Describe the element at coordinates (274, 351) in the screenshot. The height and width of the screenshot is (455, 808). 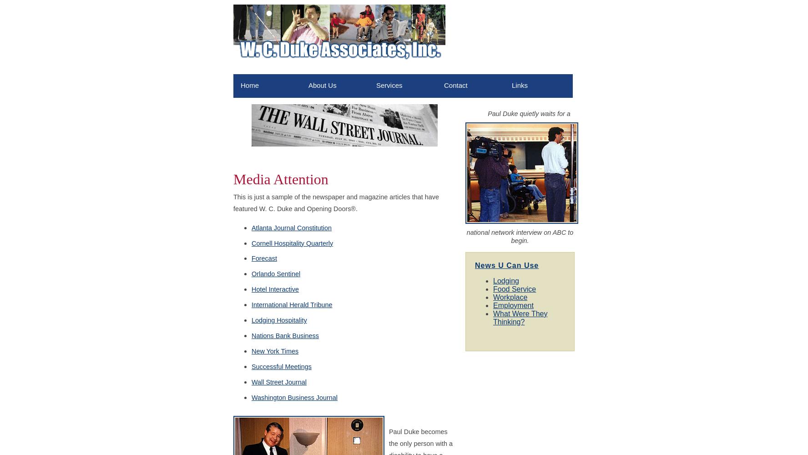
I see `'New York Times'` at that location.